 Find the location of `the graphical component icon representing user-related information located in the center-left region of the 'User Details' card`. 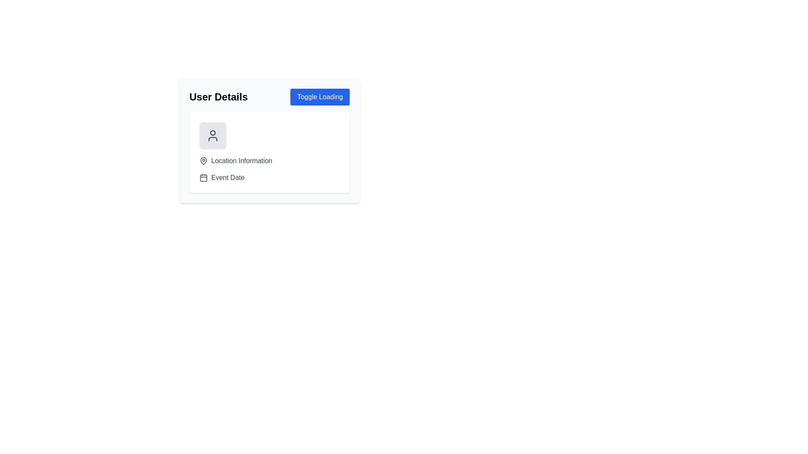

the graphical component icon representing user-related information located in the center-left region of the 'User Details' card is located at coordinates (269, 135).